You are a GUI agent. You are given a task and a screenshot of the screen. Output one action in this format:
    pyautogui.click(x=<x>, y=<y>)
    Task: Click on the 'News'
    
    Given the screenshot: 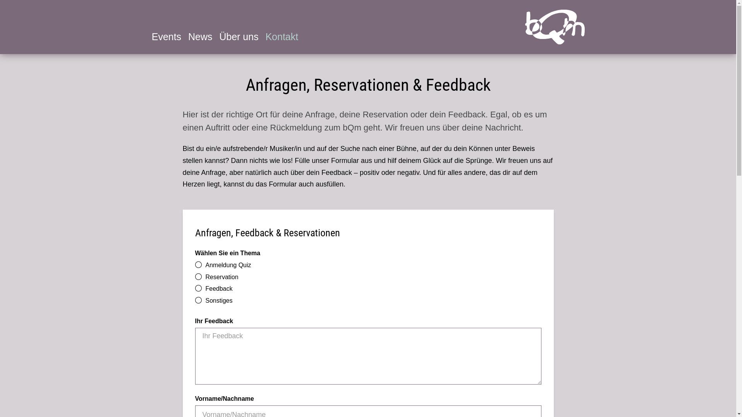 What is the action you would take?
    pyautogui.click(x=200, y=37)
    